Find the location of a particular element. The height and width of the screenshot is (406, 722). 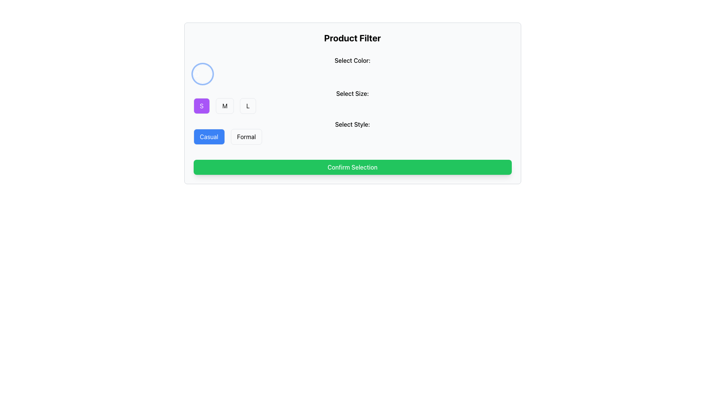

the first button labeled 'S' in the 'Select Size' section, which has a purple background and white text is located at coordinates (202, 106).